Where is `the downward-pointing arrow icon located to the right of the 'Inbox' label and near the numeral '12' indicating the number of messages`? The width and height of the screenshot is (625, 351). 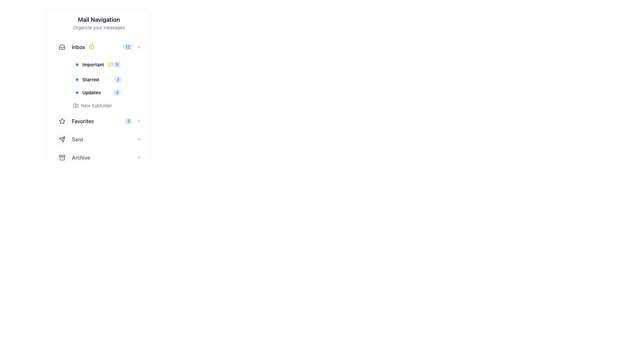
the downward-pointing arrow icon located to the right of the 'Inbox' label and near the numeral '12' indicating the number of messages is located at coordinates (62, 47).